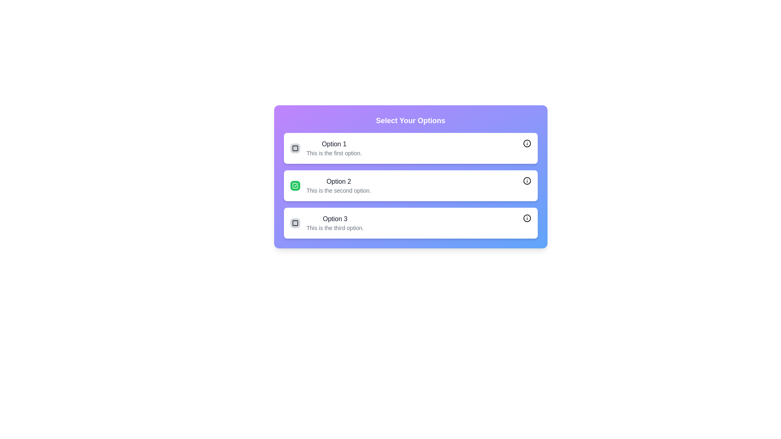 The height and width of the screenshot is (439, 781). I want to click on the icon indicating 'Option 2' that signifies the option has been selected or marked as completed, so click(295, 185).